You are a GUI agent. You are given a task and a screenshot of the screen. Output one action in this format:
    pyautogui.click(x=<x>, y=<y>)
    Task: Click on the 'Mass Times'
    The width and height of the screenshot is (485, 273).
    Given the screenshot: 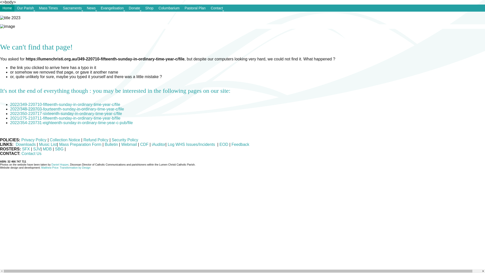 What is the action you would take?
    pyautogui.click(x=36, y=8)
    